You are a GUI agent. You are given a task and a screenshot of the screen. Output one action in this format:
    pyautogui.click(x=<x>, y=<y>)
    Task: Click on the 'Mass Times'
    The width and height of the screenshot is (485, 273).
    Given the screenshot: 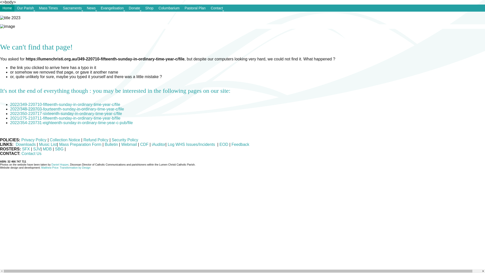 What is the action you would take?
    pyautogui.click(x=36, y=8)
    